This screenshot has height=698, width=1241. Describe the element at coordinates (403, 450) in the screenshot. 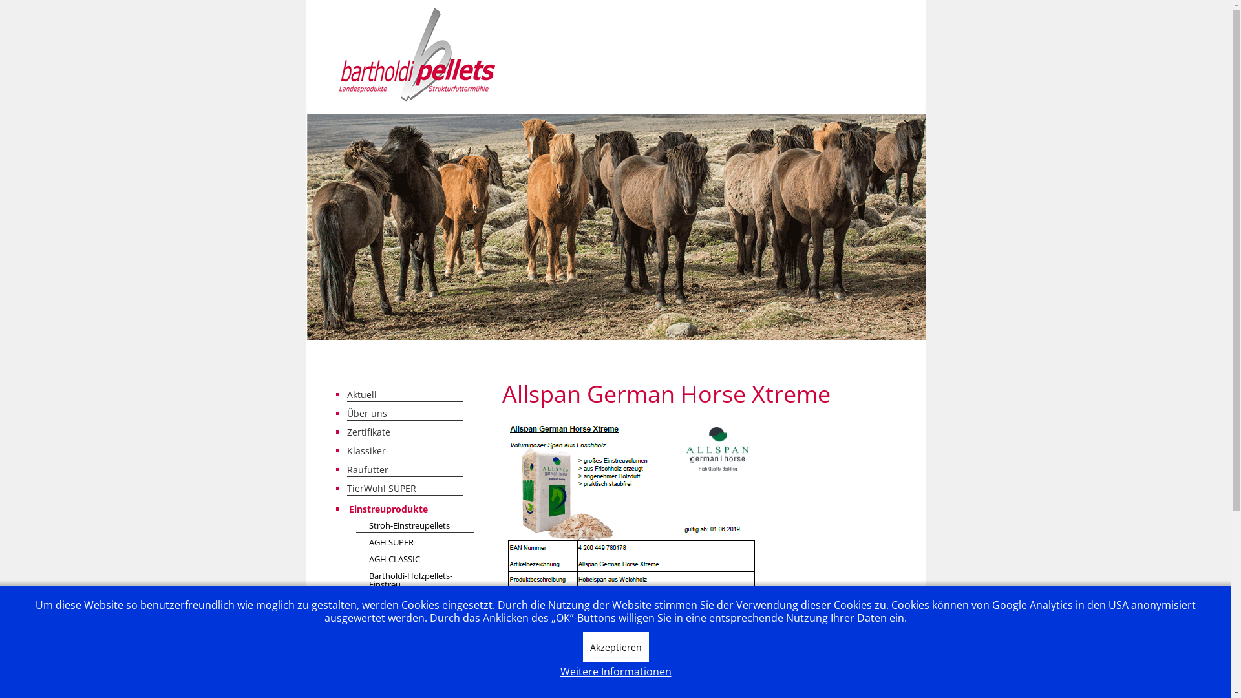

I see `'Klassiker'` at that location.